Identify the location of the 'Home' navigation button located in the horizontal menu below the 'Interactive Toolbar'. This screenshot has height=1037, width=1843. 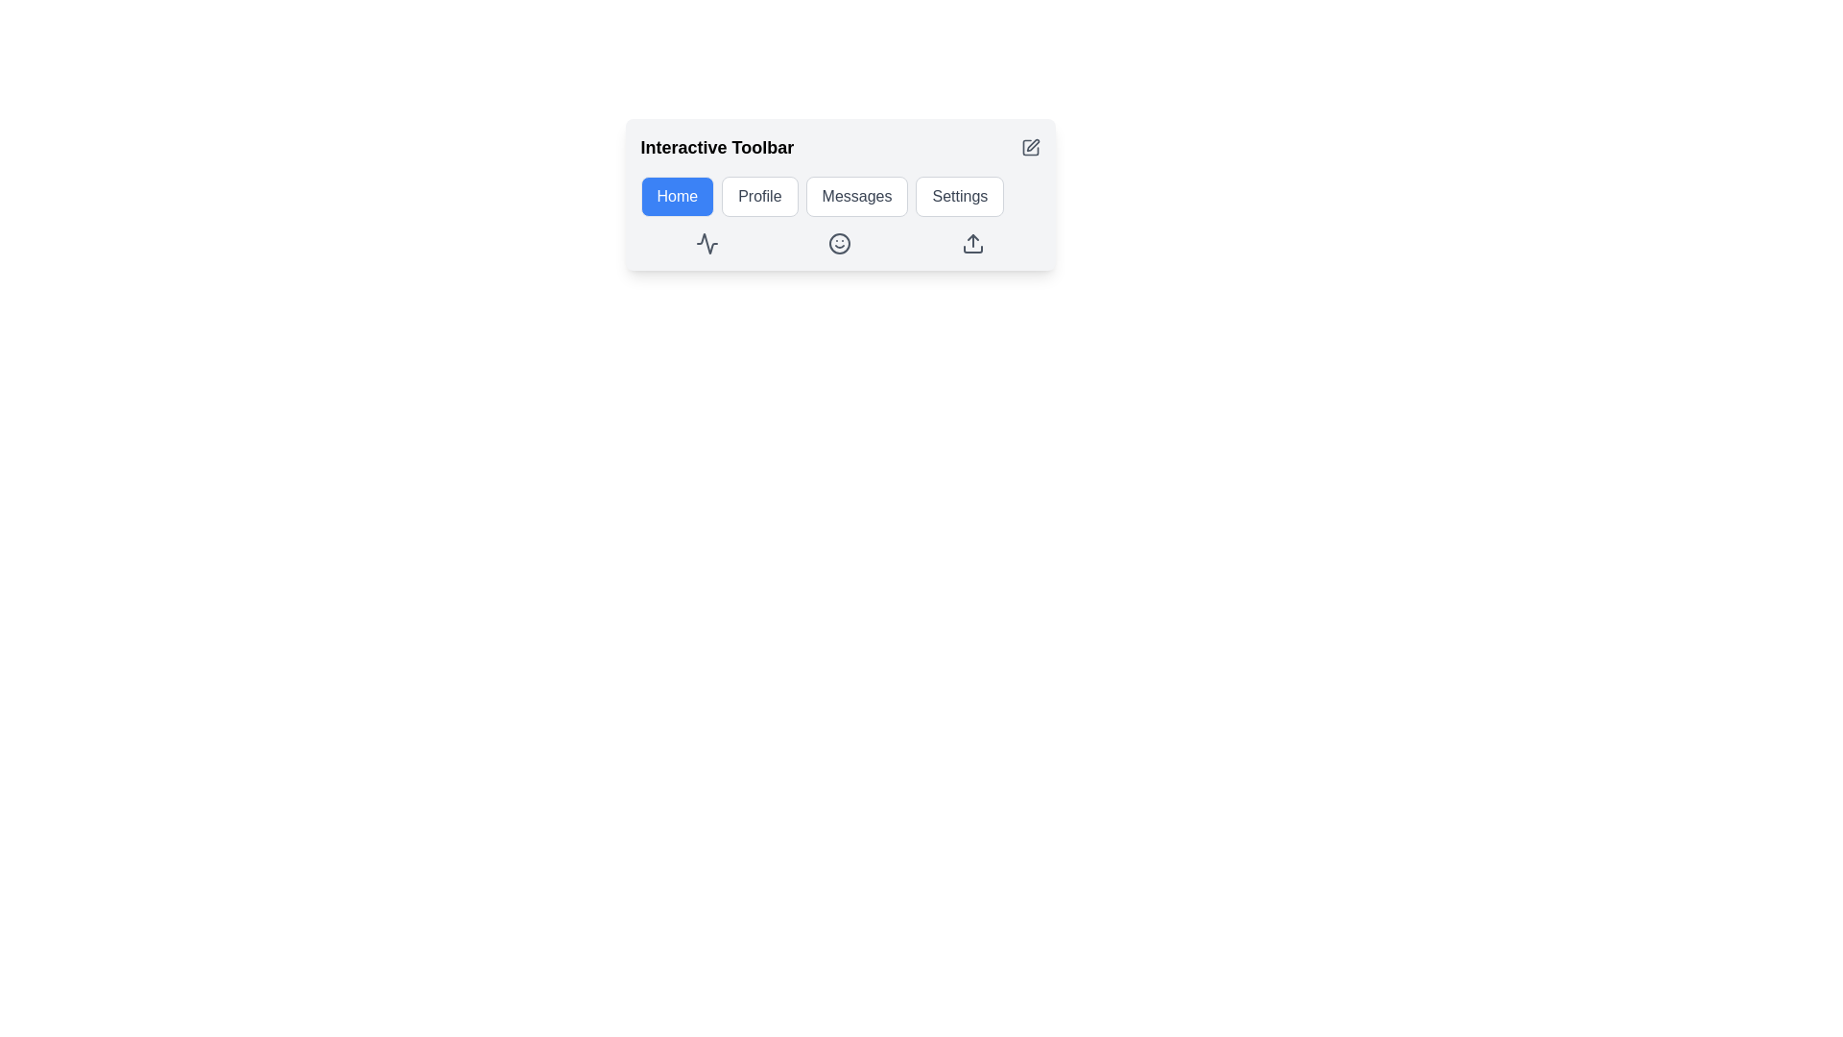
(677, 196).